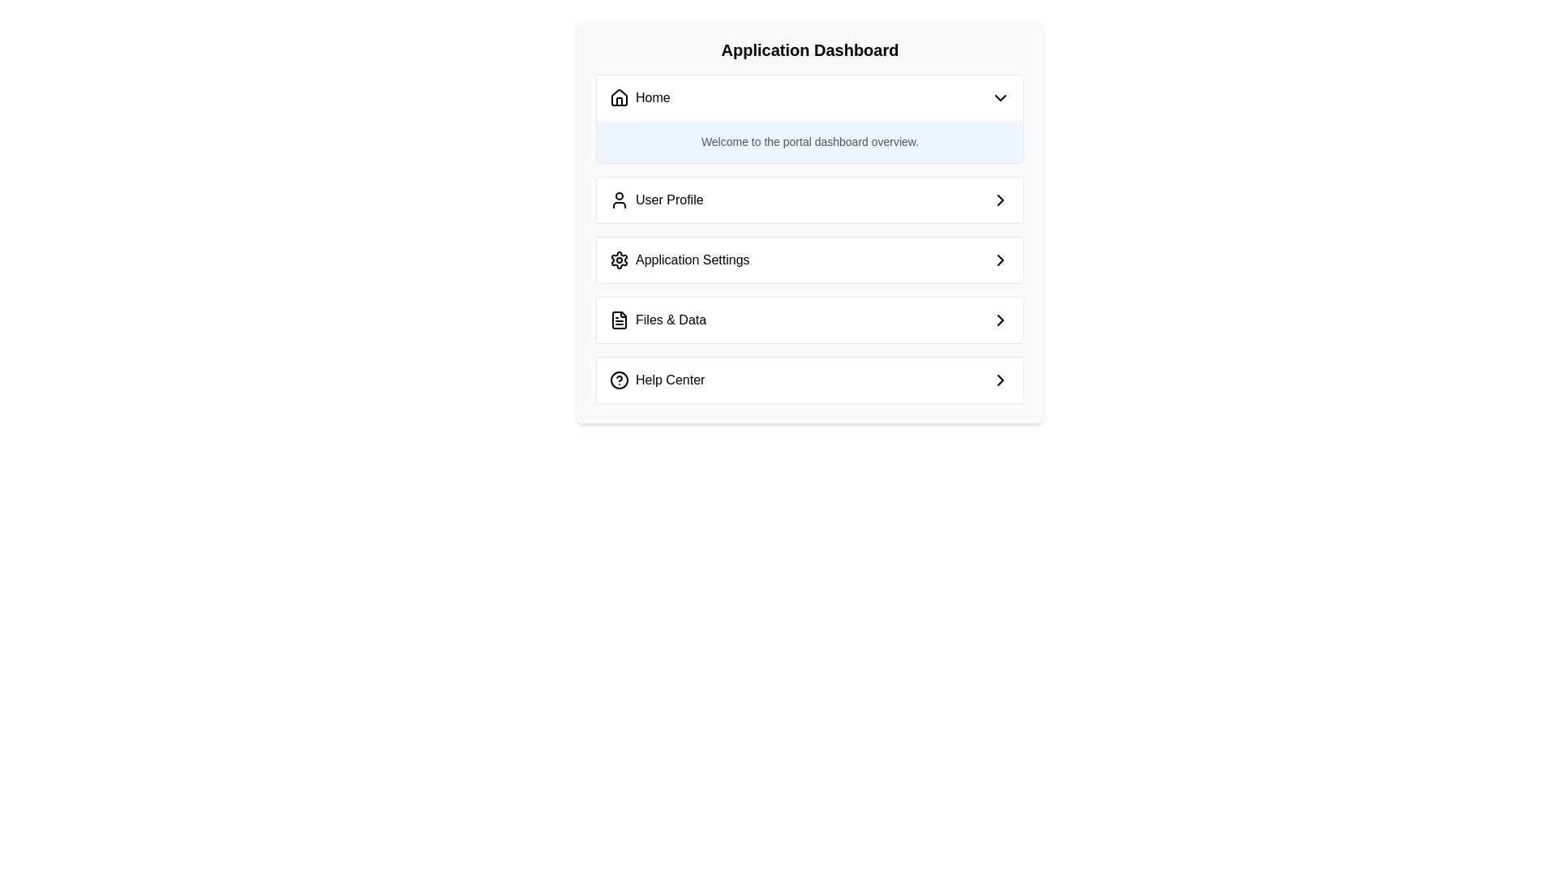 This screenshot has width=1557, height=876. What do you see at coordinates (658, 320) in the screenshot?
I see `the 'Files & Data' menu item, which displays a text label with an icon of a document` at bounding box center [658, 320].